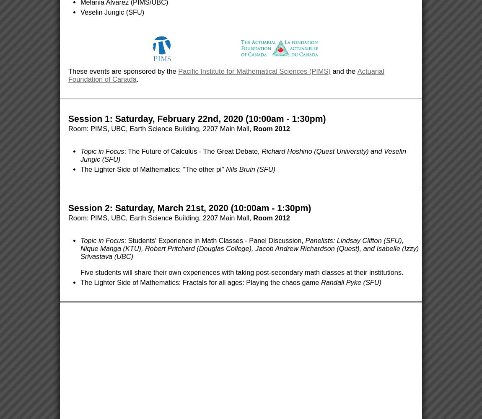 The height and width of the screenshot is (419, 482). What do you see at coordinates (124, 151) in the screenshot?
I see `': The Future of Calculus - The Great Debate,'` at bounding box center [124, 151].